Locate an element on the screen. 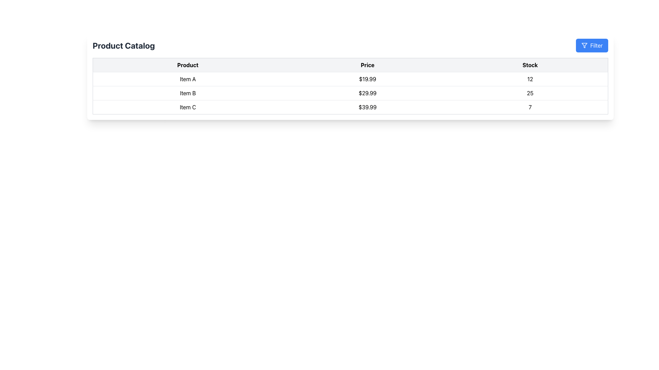  the stock quantity text for 'Item B' located in the third column of the second data row in the product catalog table is located at coordinates (530, 93).